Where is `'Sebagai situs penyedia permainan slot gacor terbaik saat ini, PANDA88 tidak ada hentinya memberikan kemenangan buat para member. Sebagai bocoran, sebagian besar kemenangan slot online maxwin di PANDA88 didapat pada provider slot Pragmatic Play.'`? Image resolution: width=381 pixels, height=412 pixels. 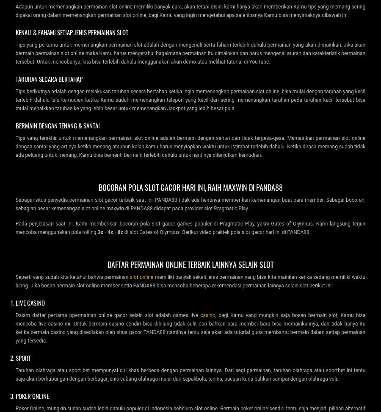 'Sebagai situs penyedia permainan slot gacor terbaik saat ini, PANDA88 tidak ada hentinya memberikan kemenangan buat para member. Sebagai bocoran, sebagian besar kemenangan slot online maxwin di PANDA88 didapat pada provider slot Pragmatic Play.' is located at coordinates (190, 203).